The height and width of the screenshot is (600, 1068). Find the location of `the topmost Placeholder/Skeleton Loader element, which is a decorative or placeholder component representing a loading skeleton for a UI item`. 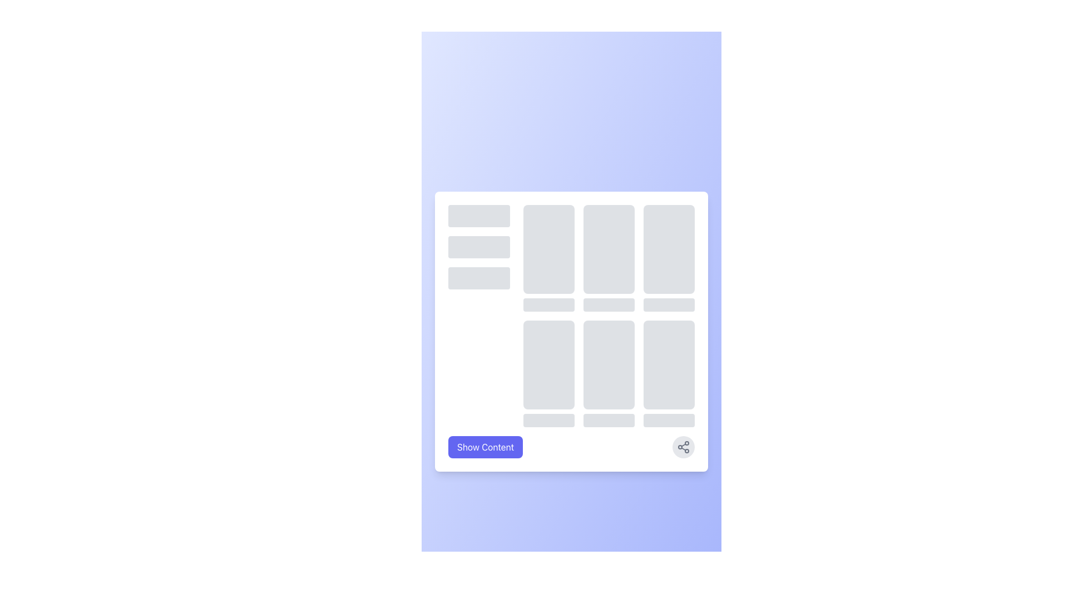

the topmost Placeholder/Skeleton Loader element, which is a decorative or placeholder component representing a loading skeleton for a UI item is located at coordinates (479, 216).